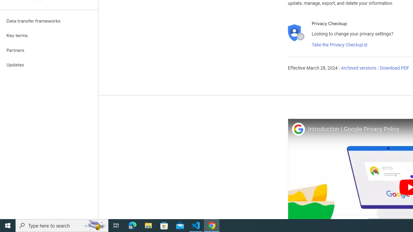 The width and height of the screenshot is (413, 232). Describe the element at coordinates (394, 68) in the screenshot. I see `'Download PDF'` at that location.